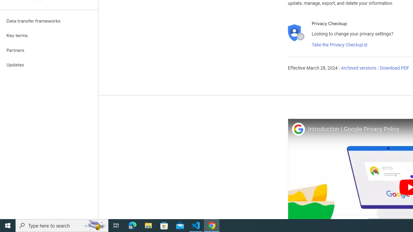 The width and height of the screenshot is (413, 232). Describe the element at coordinates (394, 68) in the screenshot. I see `'Download PDF'` at that location.